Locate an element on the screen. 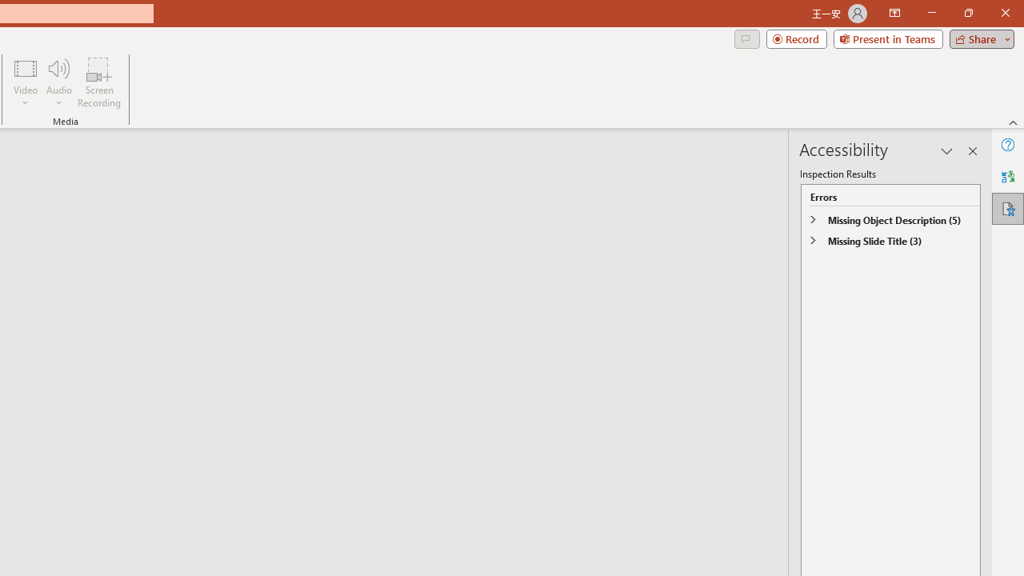 The image size is (1024, 576). 'Present in Teams' is located at coordinates (887, 38).